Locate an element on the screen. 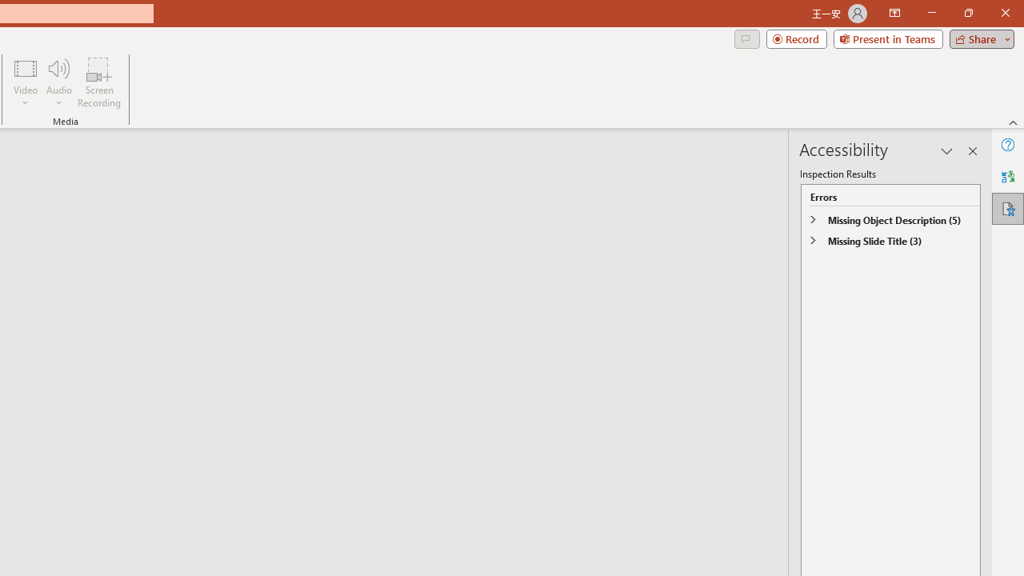 The image size is (1024, 576). 'Present in Teams' is located at coordinates (887, 38).